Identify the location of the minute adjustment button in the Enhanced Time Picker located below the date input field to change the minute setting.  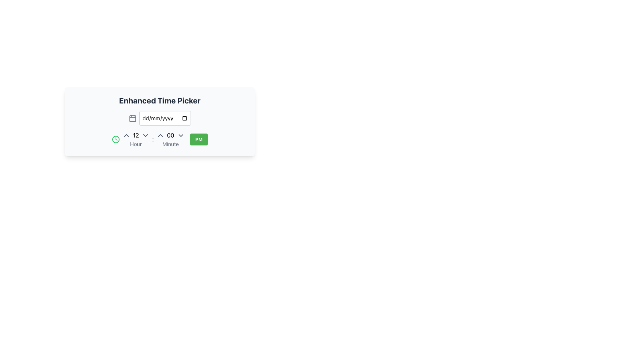
(160, 130).